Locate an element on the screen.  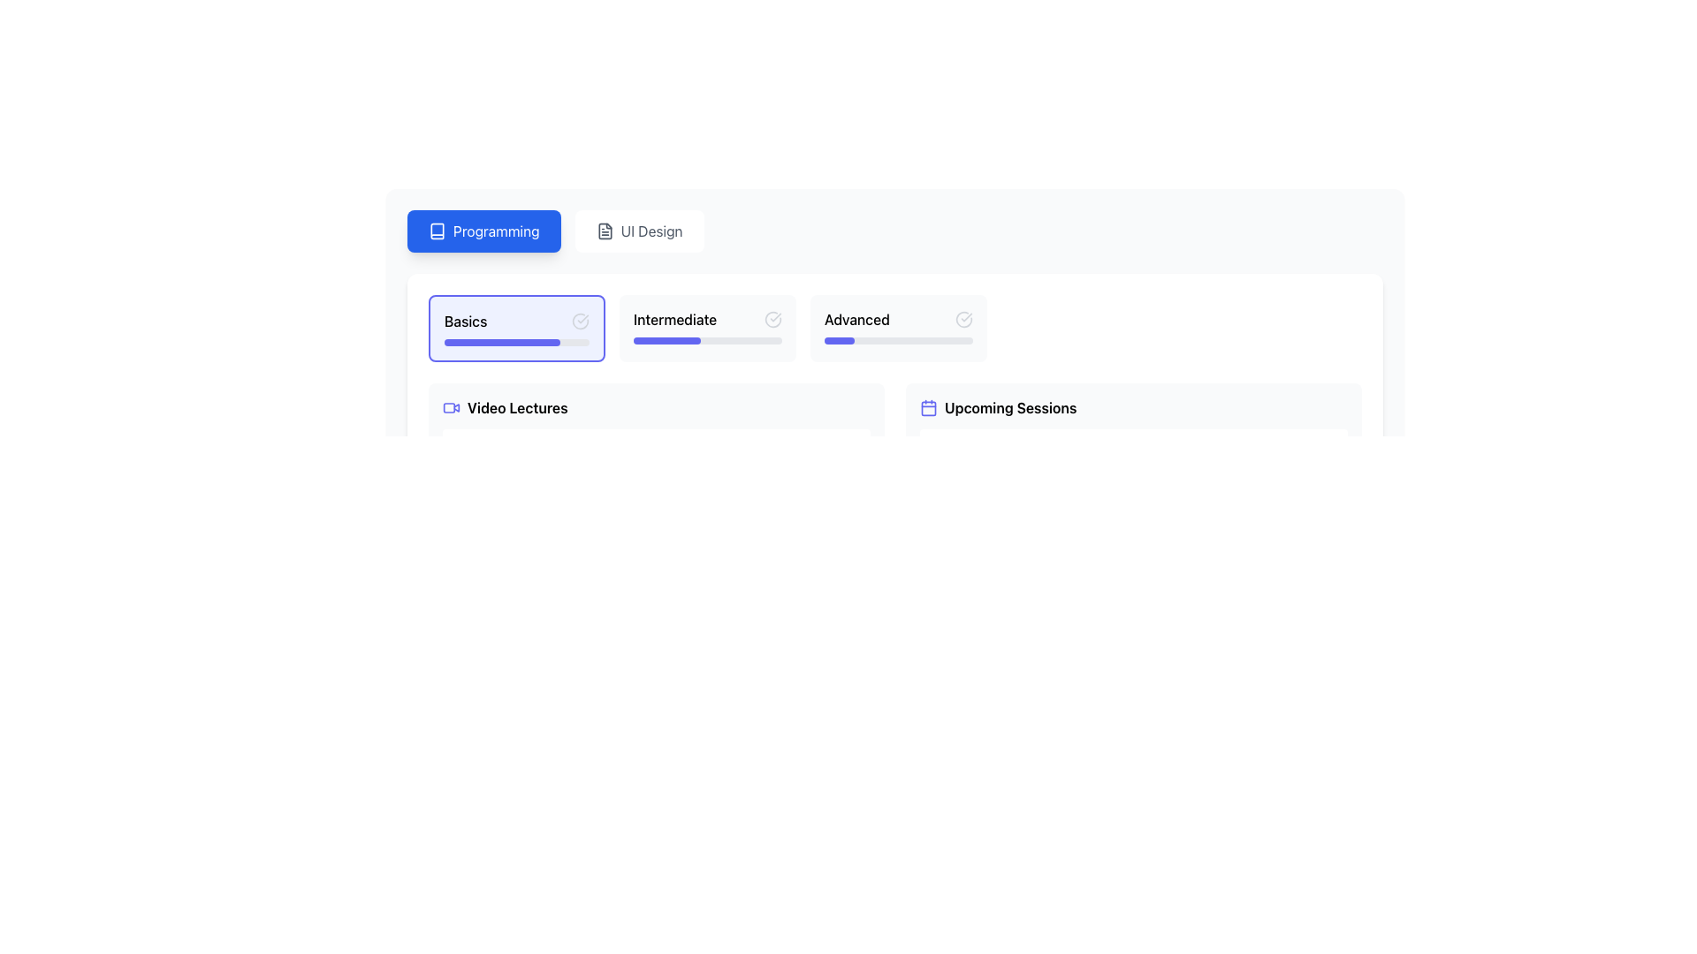
the 'Intermediate' button, which is a rectangular block with a bold black font text at the top, a purple progress bar below, and a gray checkmark icon on the right side is located at coordinates (708, 328).